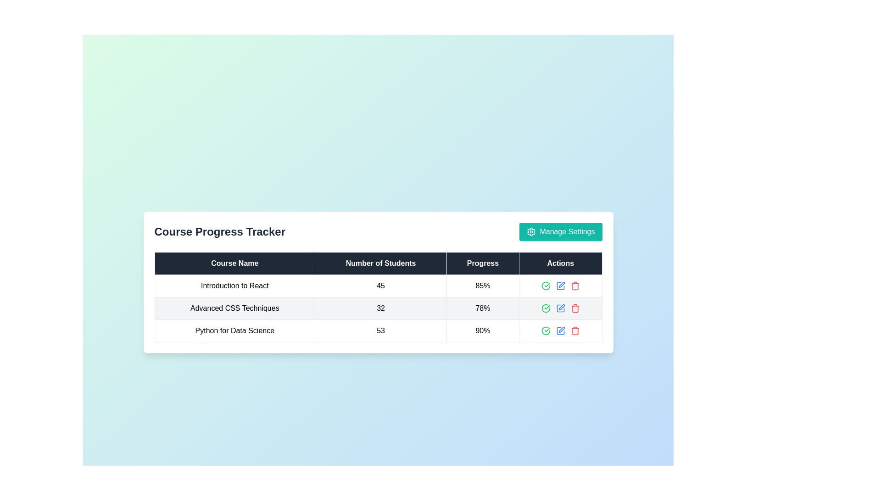  What do you see at coordinates (482, 308) in the screenshot?
I see `the 'Advanced CSS Techniques' progress percentage text element located in the third column of the second row within the 'Course Progress Tracker' table` at bounding box center [482, 308].